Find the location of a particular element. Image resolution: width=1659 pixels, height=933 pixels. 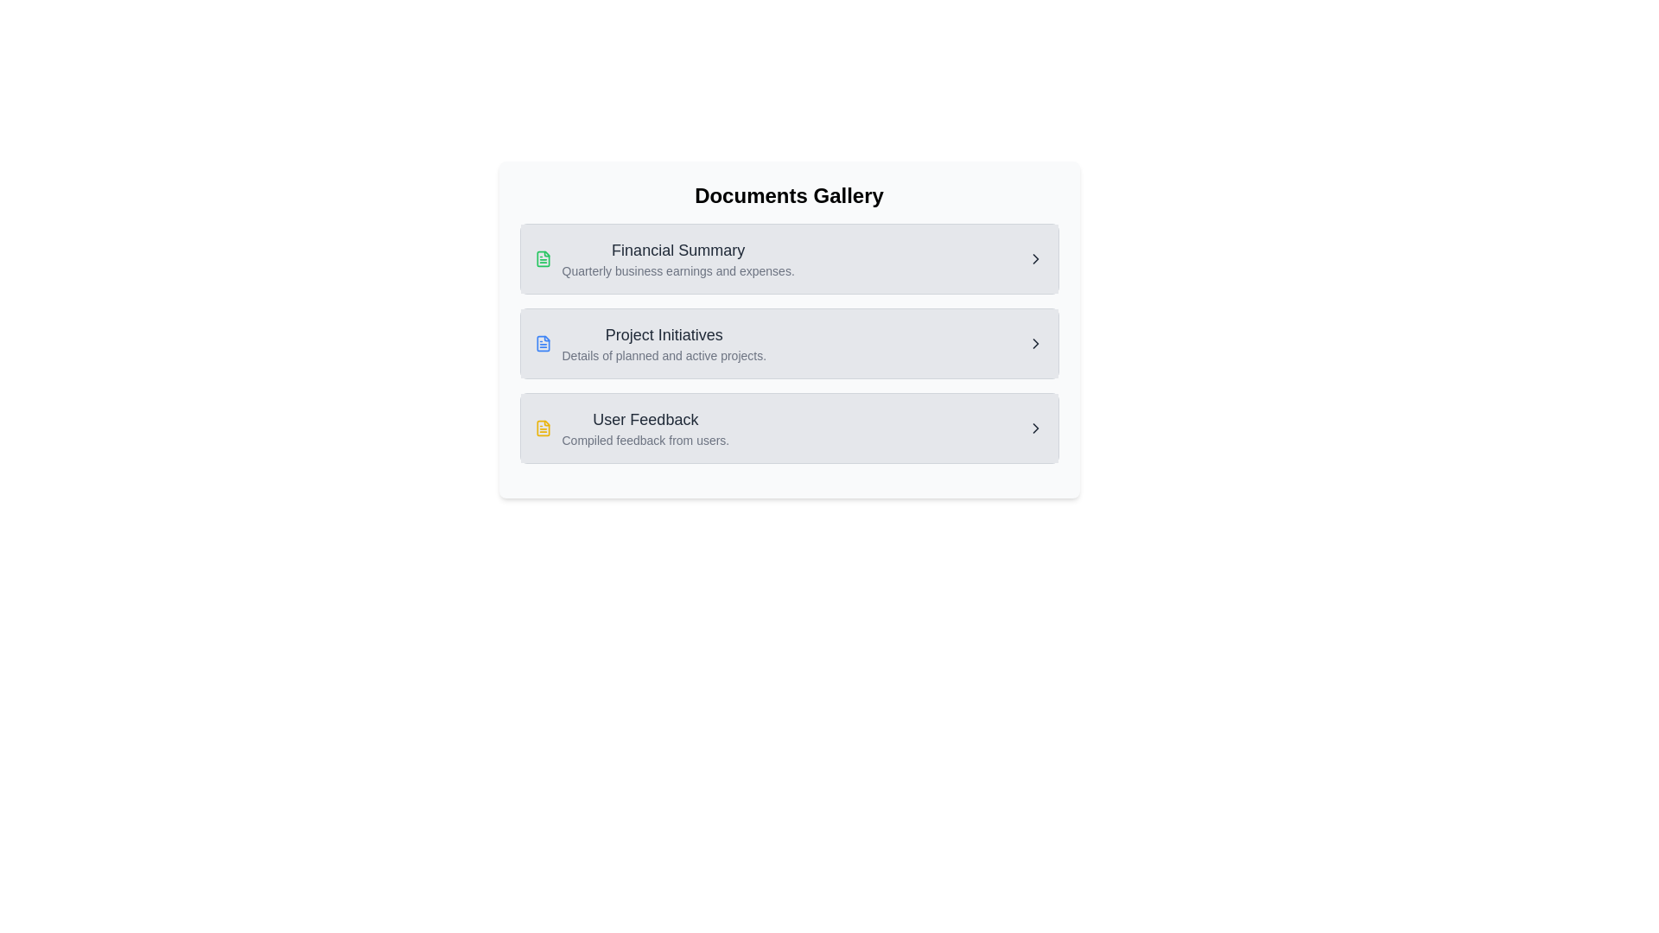

the small blue document icon located at the left of the 'Project Initiatives' section is located at coordinates (542, 343).